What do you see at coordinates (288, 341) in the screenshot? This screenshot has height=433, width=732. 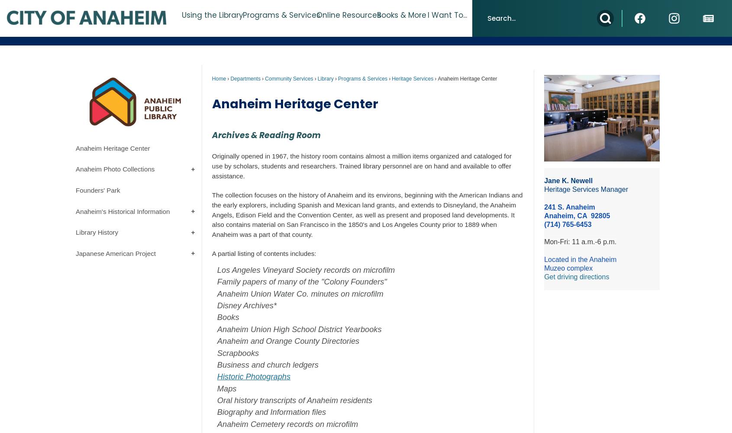 I see `'Anaheim and Orange County Directories'` at bounding box center [288, 341].